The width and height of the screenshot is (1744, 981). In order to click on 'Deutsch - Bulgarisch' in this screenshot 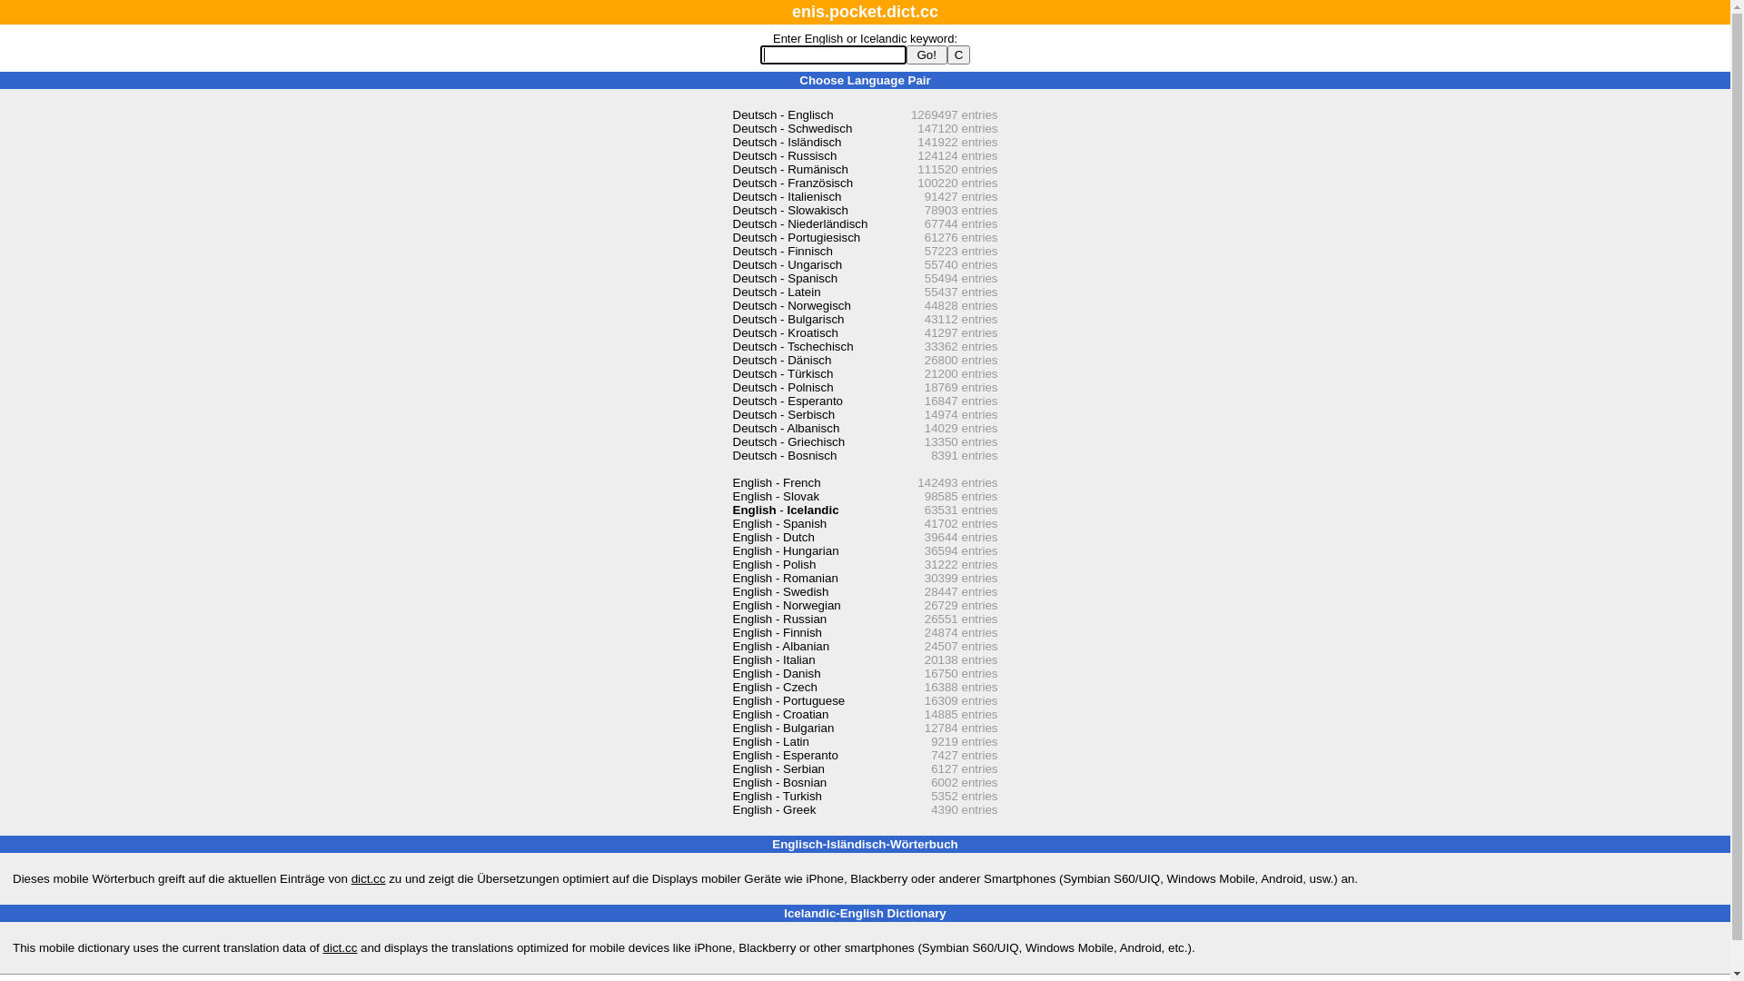, I will do `click(732, 318)`.